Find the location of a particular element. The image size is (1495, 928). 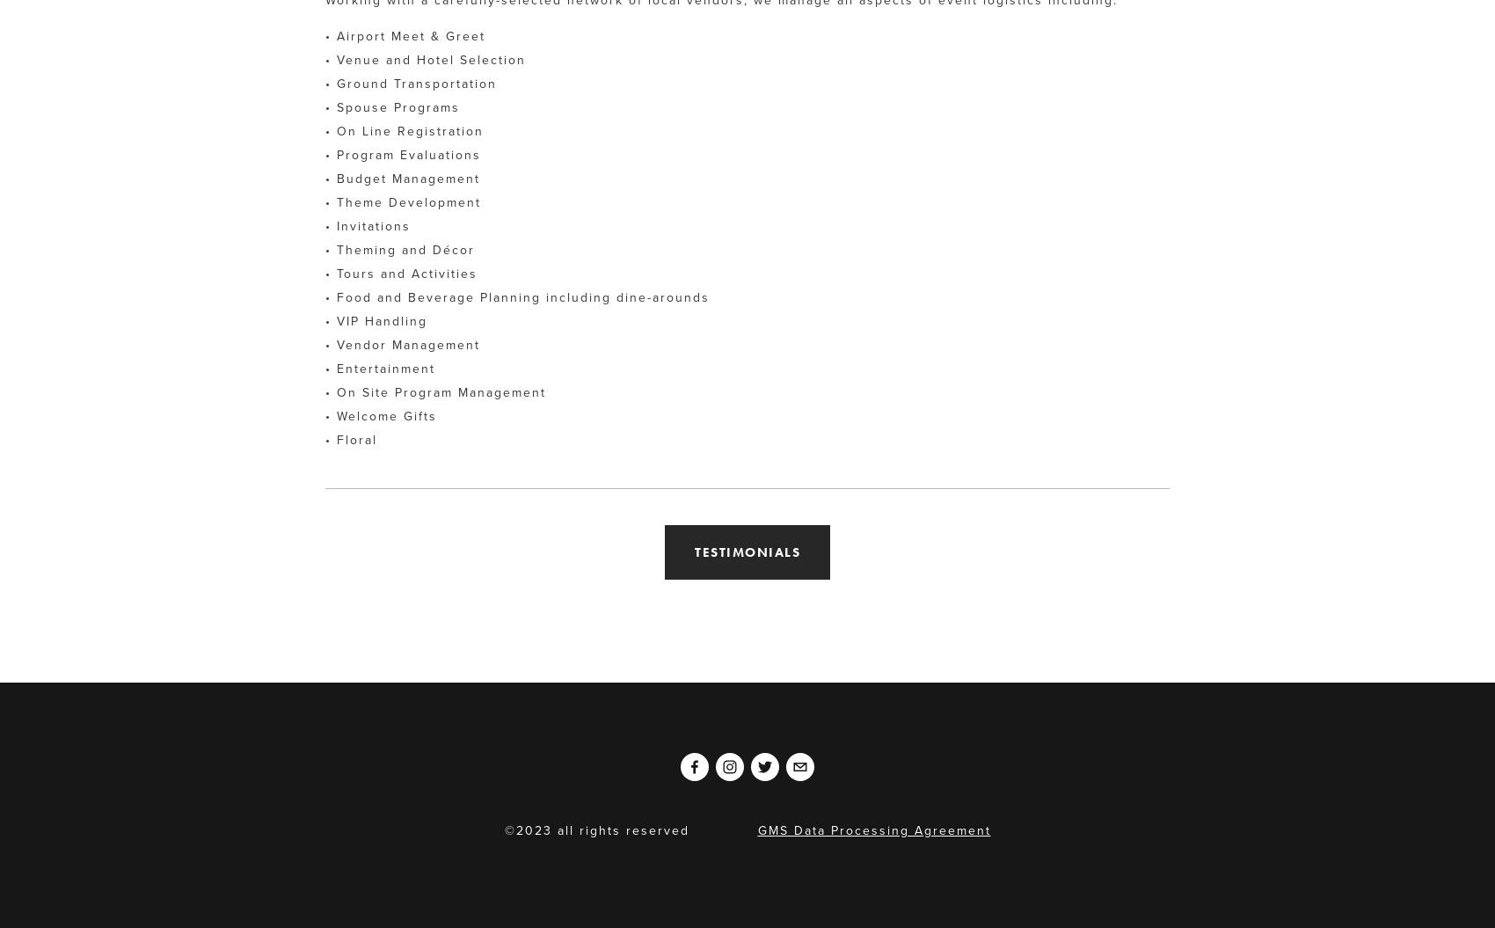

'• Food and Beverage Planning including dine-arounds' is located at coordinates (324, 296).